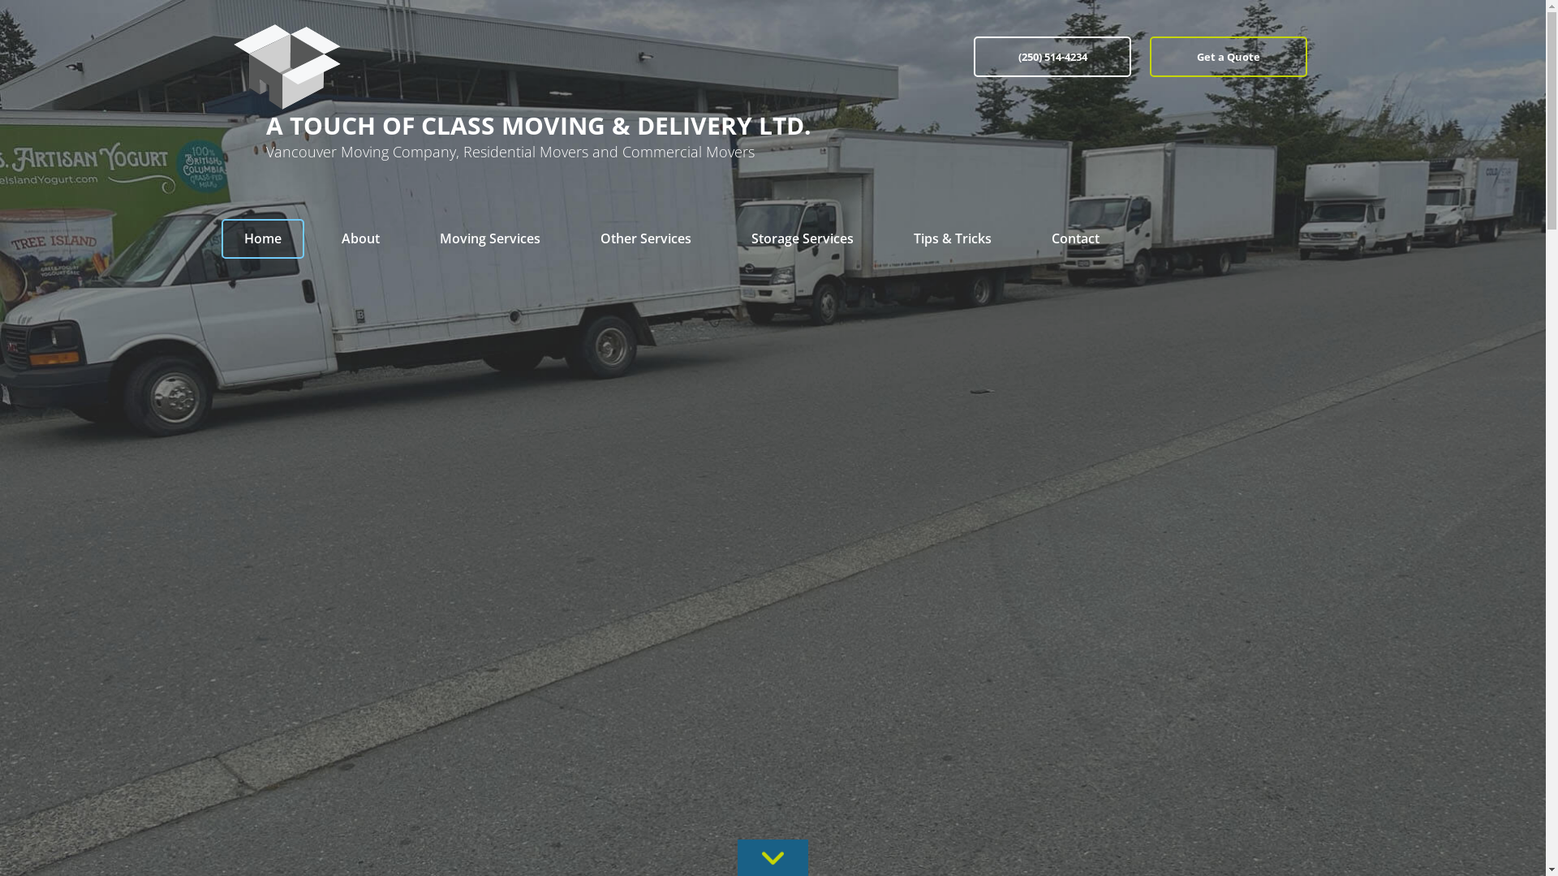 The image size is (1558, 876). What do you see at coordinates (802, 274) in the screenshot?
I see `'Short Term Storage'` at bounding box center [802, 274].